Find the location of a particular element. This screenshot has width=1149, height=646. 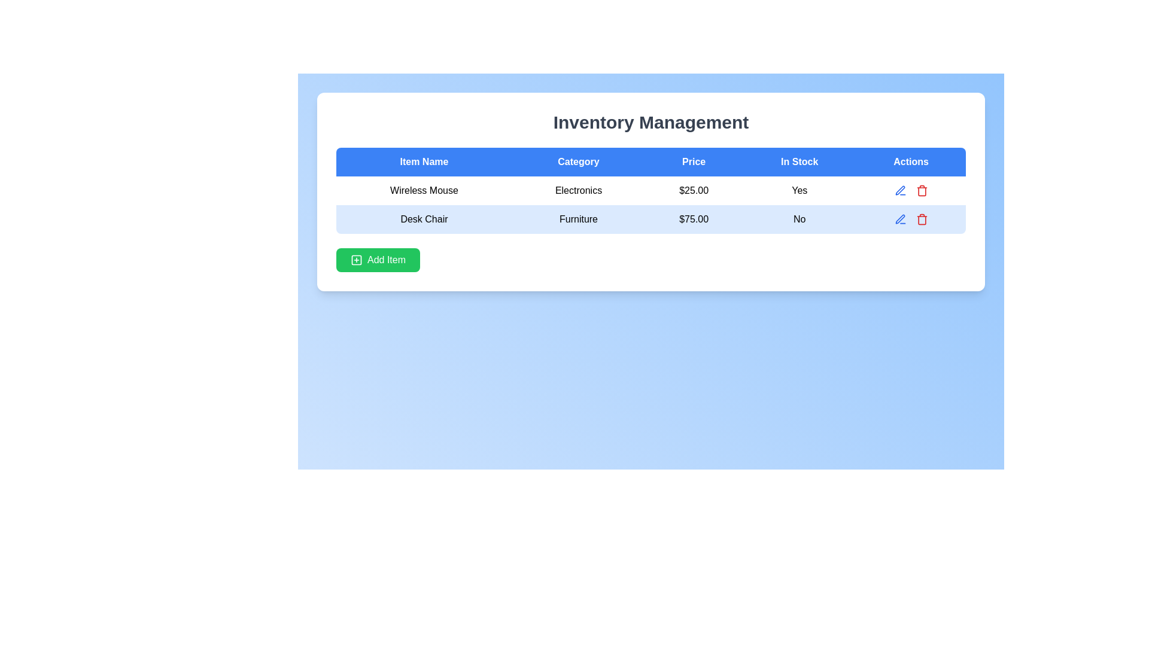

the text display showing the price '$25.00' in the 'Price' column of the inventory table, which is styled in bold and centrally aligned is located at coordinates (694, 190).